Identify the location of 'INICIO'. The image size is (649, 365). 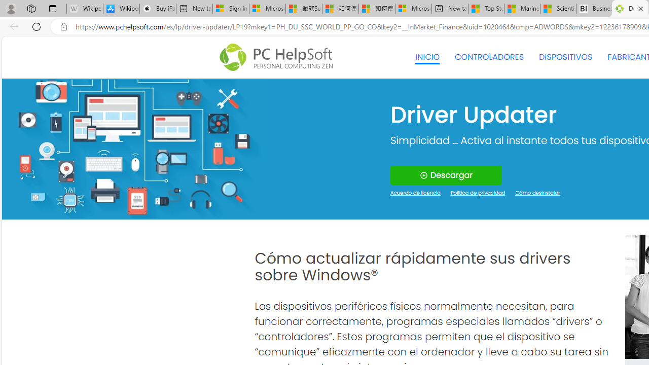
(427, 57).